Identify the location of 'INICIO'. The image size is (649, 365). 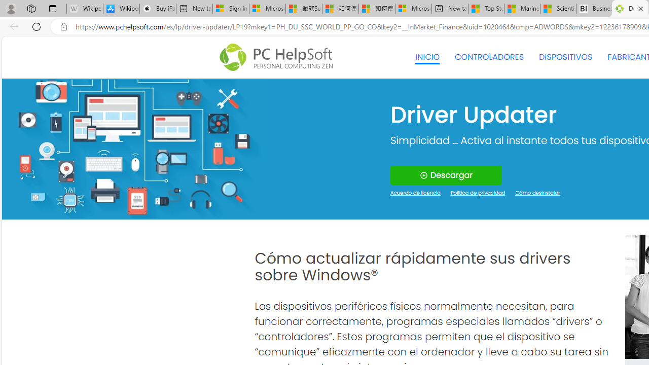
(427, 57).